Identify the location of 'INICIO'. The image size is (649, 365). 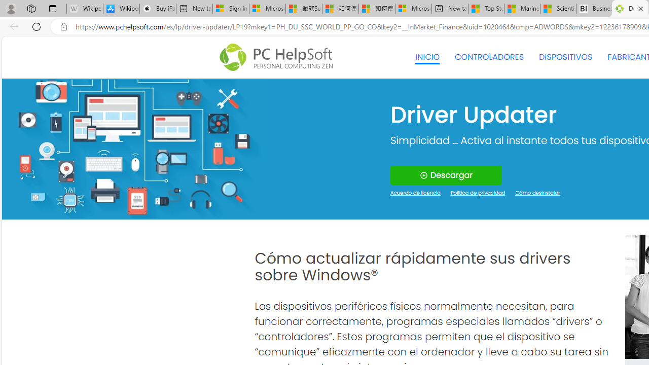
(427, 57).